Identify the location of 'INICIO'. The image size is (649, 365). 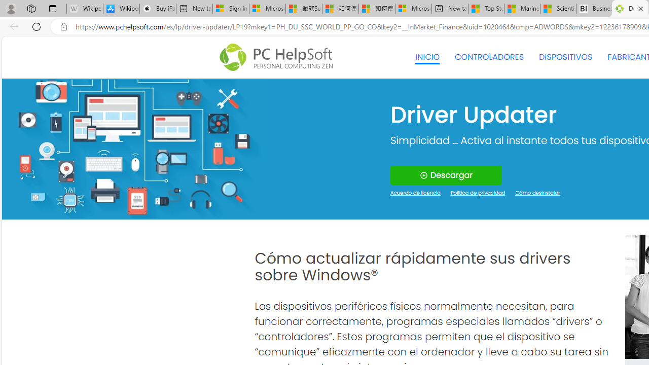
(427, 57).